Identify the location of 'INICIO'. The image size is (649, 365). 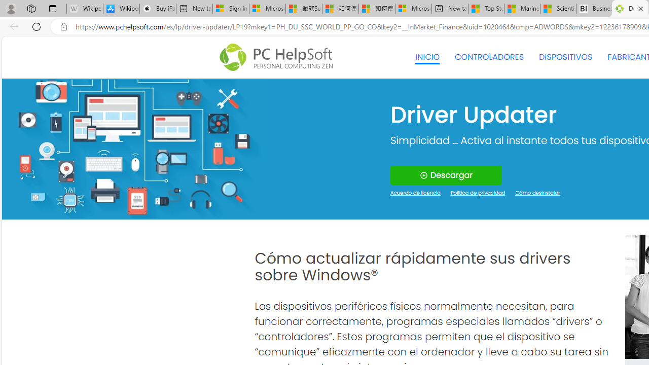
(427, 57).